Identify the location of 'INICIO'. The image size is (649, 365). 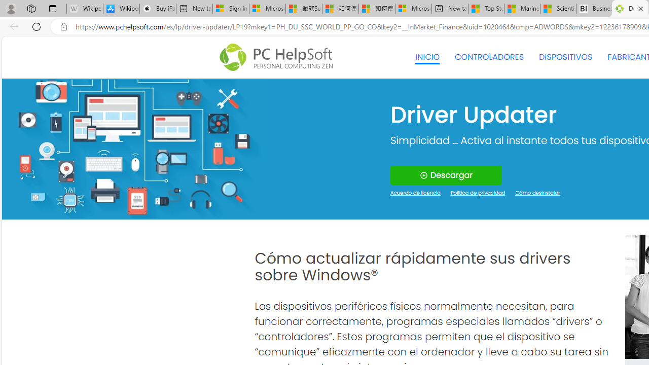
(427, 57).